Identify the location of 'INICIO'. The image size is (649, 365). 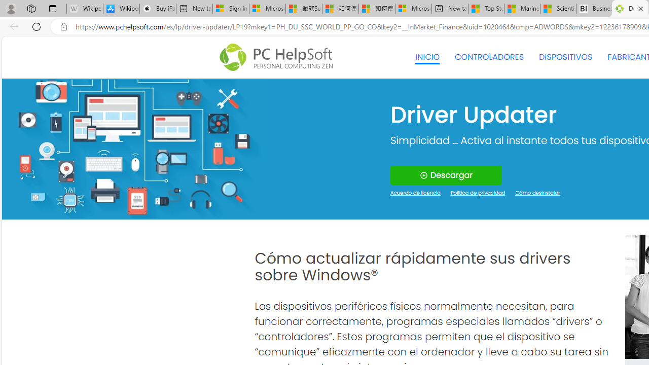
(427, 57).